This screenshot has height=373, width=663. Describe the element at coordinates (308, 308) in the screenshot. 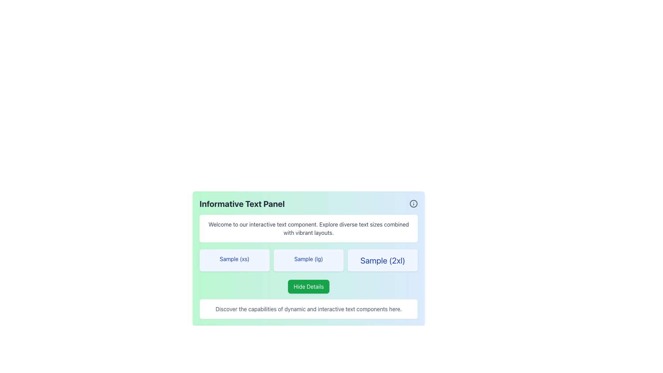

I see `the text box displaying 'Discover the capabilities of dynamic and interactive text components here.' which is located at the bottom of the 'Informative Text Panel'` at that location.